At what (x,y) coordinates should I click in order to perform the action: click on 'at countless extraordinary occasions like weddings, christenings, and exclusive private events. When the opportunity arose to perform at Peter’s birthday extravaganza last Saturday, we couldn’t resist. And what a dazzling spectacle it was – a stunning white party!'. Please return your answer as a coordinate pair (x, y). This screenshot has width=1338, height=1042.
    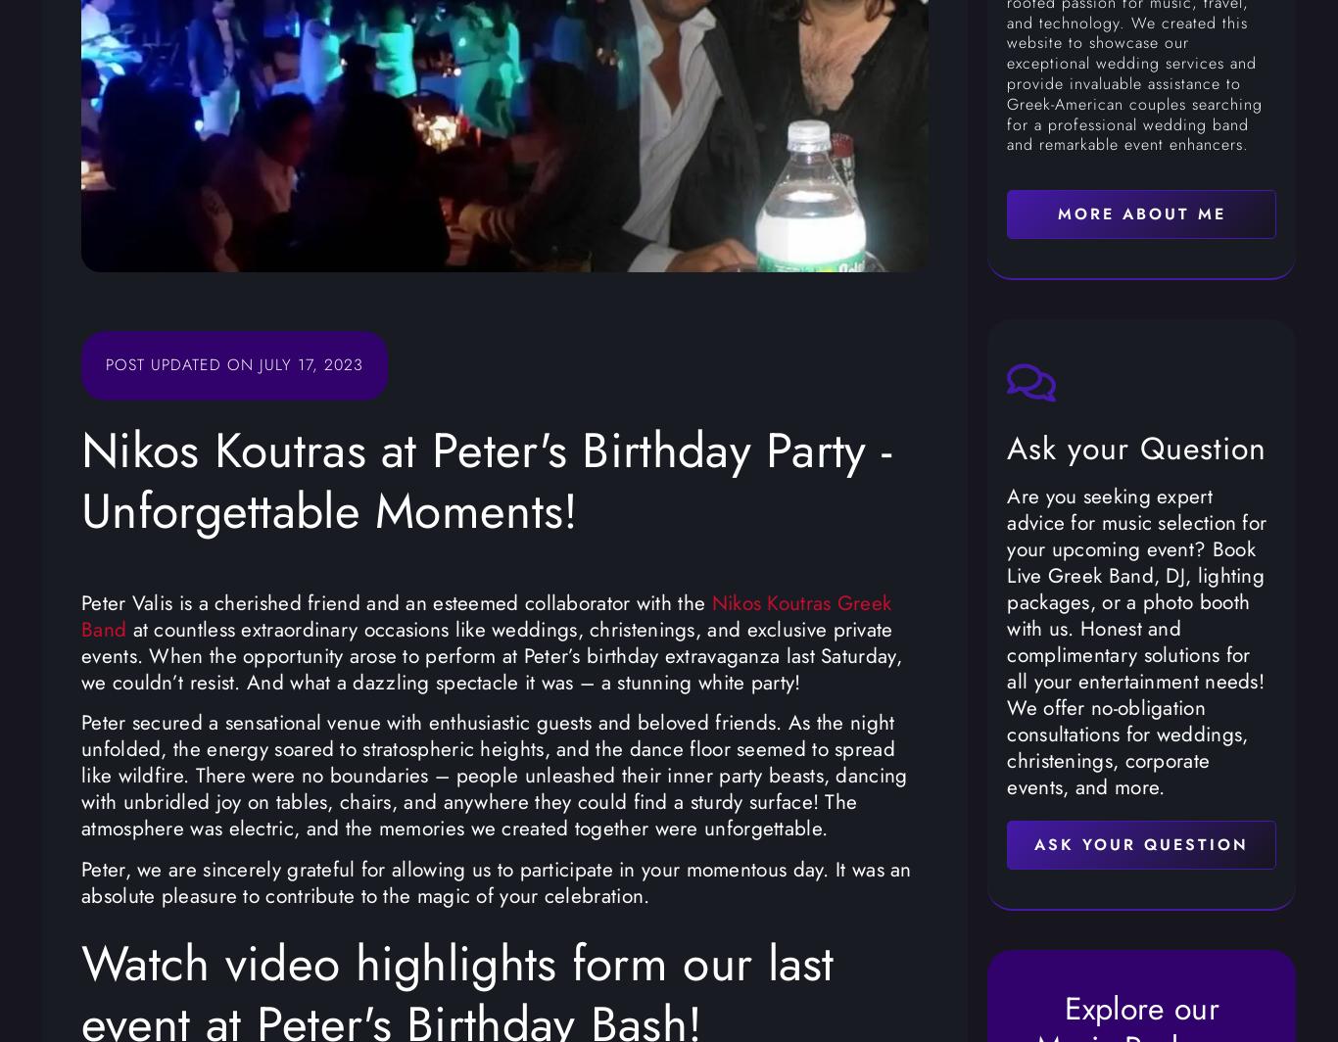
    Looking at the image, I should click on (491, 655).